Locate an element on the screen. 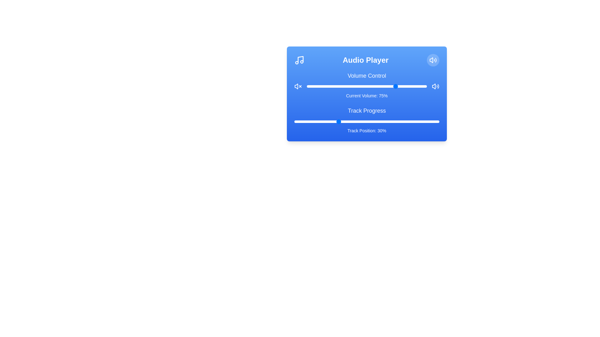 Image resolution: width=600 pixels, height=337 pixels. the muted state toggle icon for the audio player is located at coordinates (298, 86).